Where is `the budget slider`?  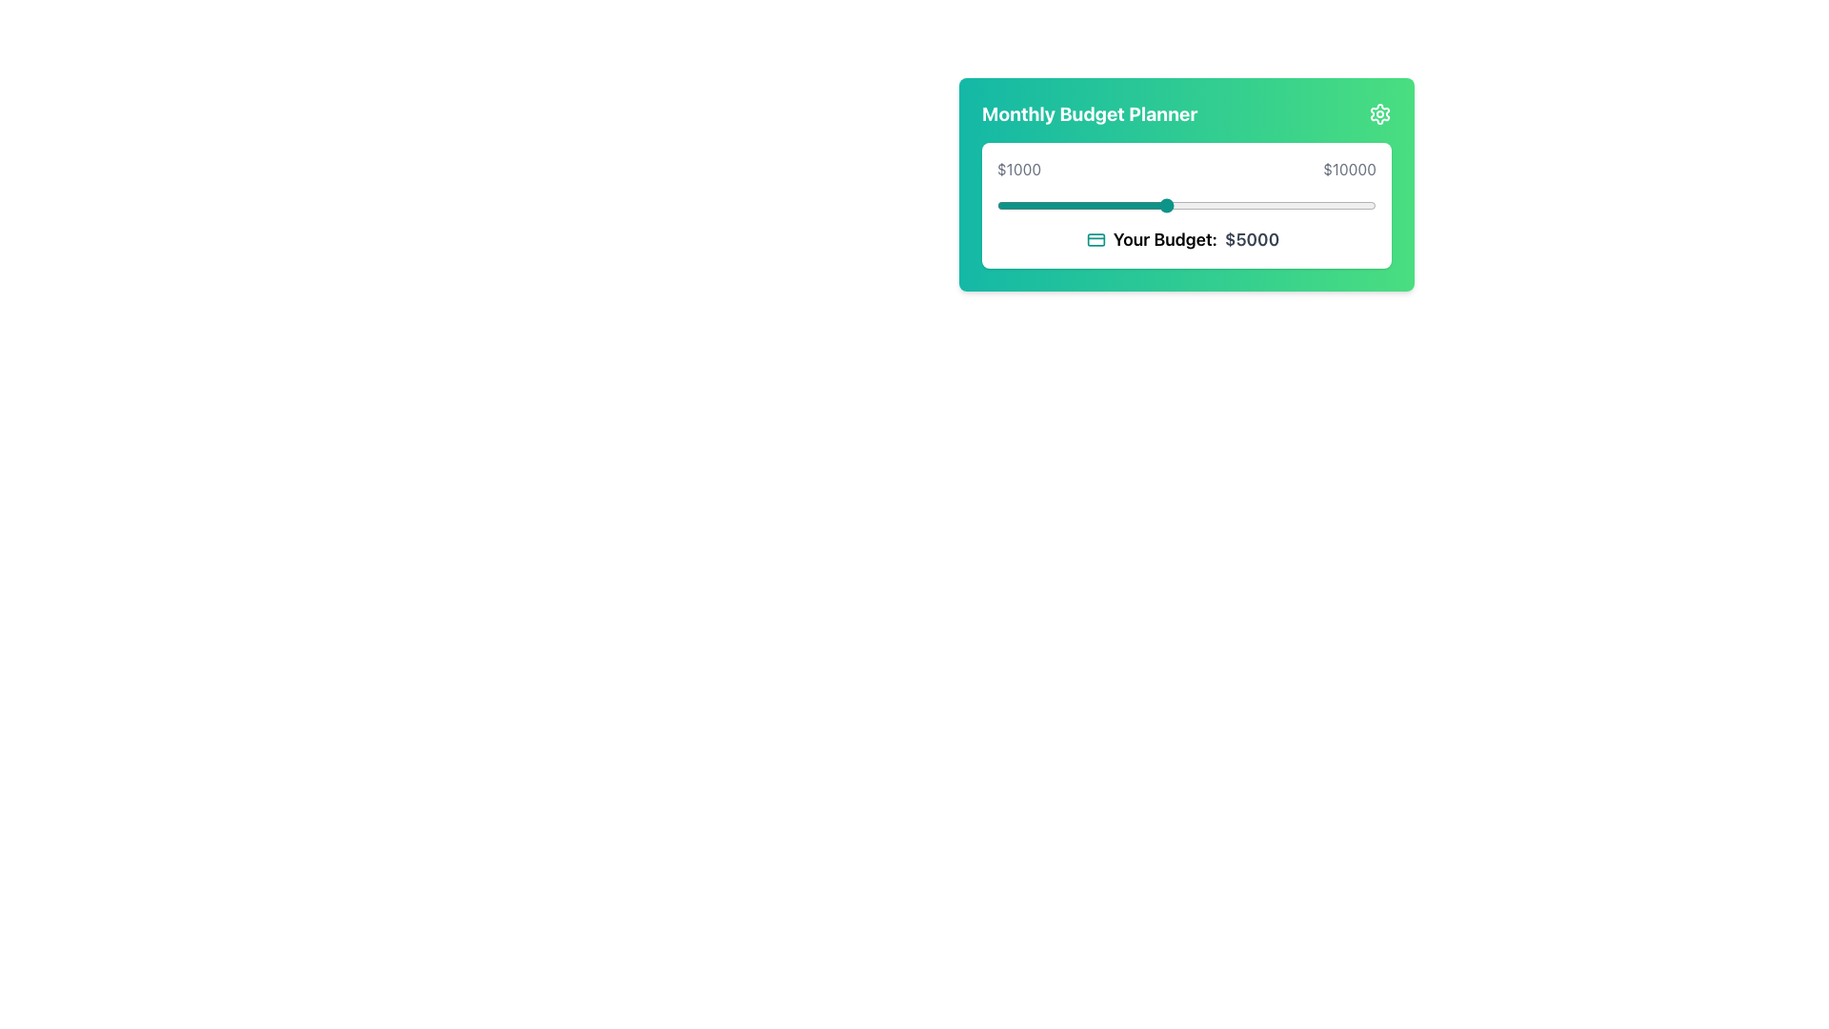
the budget slider is located at coordinates (1037, 206).